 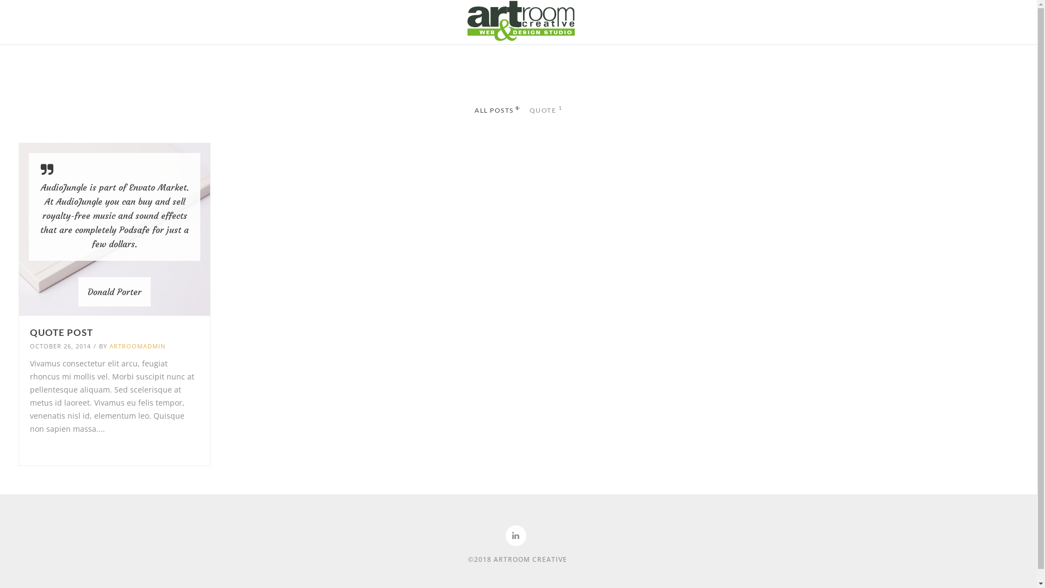 I want to click on 'ALL POSTS 1', so click(x=496, y=111).